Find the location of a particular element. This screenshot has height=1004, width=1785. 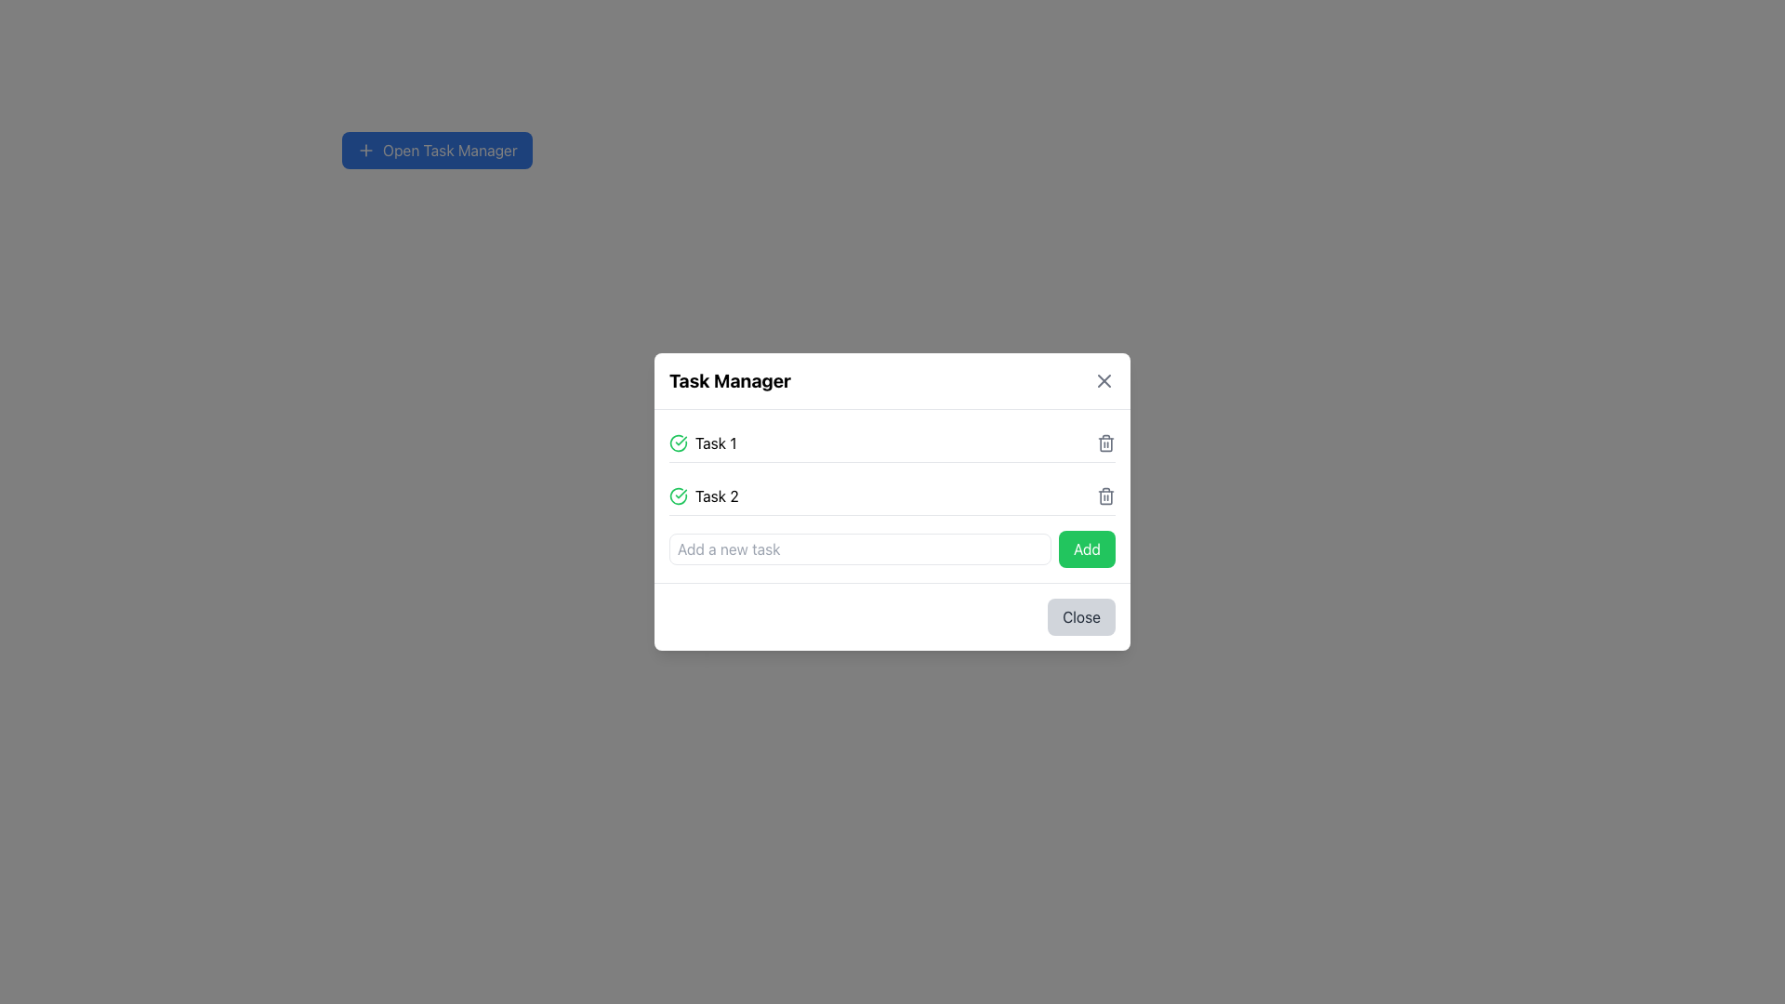

text label displaying 'Task 2' located in the second row of the task list in the 'Task Manager' dialogue, positioned under 'Task 1' and above the input field for adding a new task is located at coordinates (703, 495).